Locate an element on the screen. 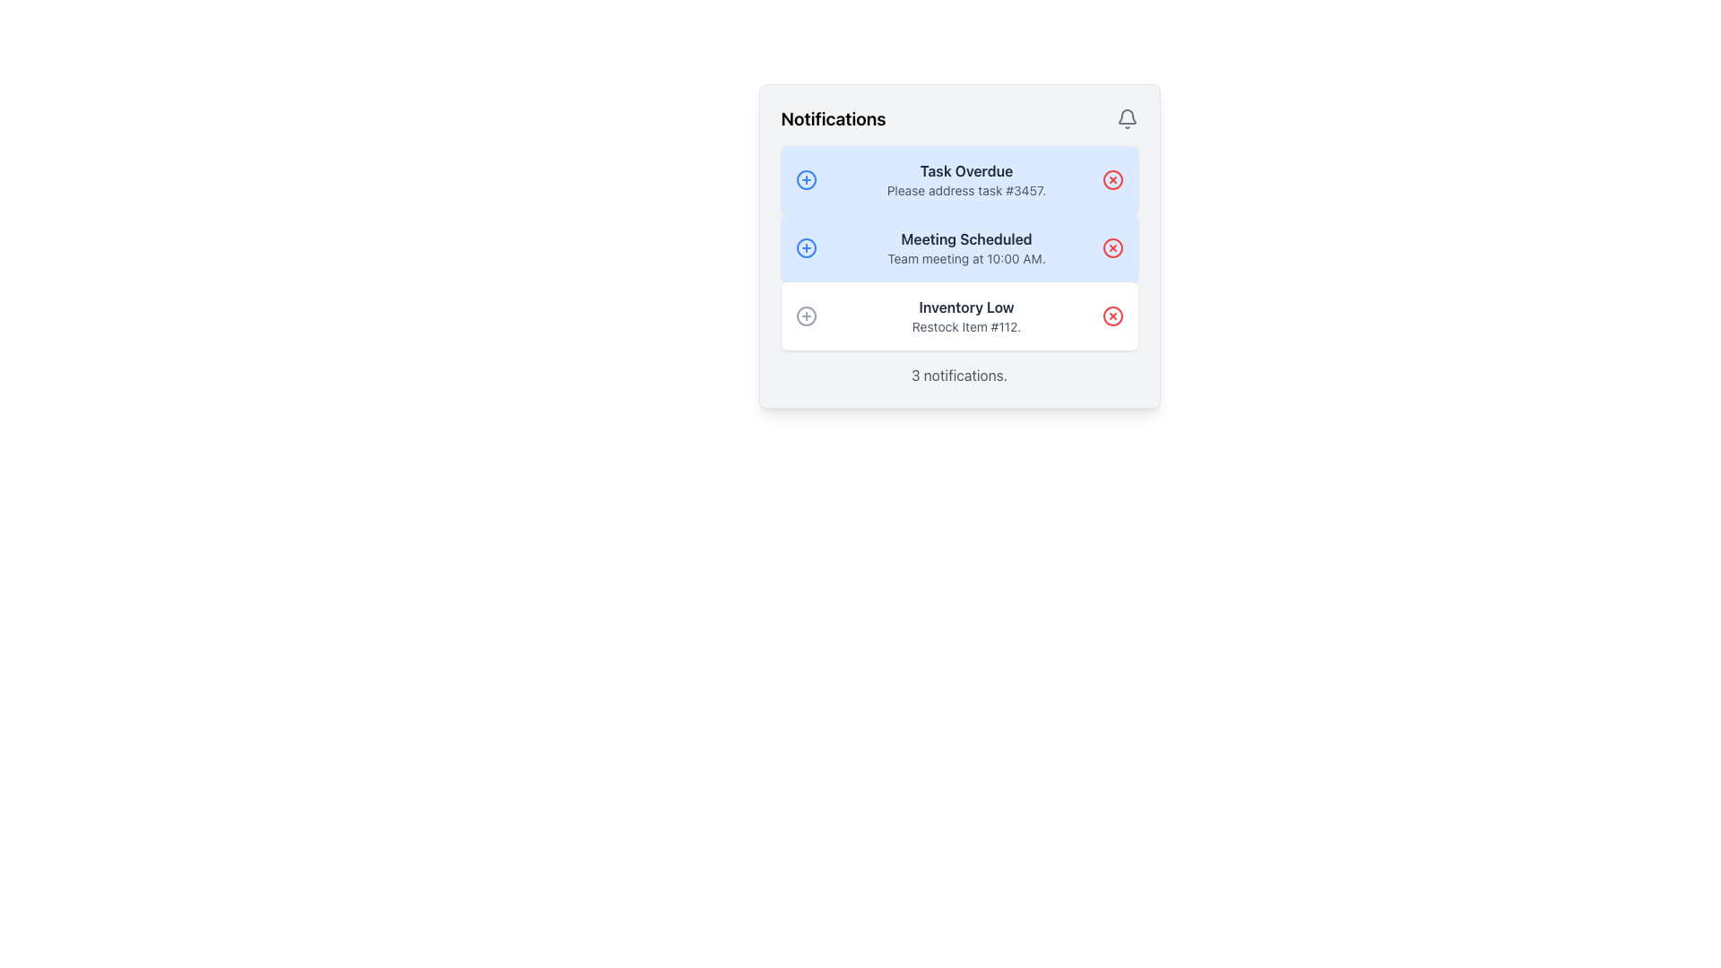 The height and width of the screenshot is (968, 1721). text displayed in the blue-highlighted box, which contains the bold message 'Task Overdue' and the supplementary description 'Please address task #3457.' This text is positioned centrally under the heading 'Notifications.' is located at coordinates (965, 179).